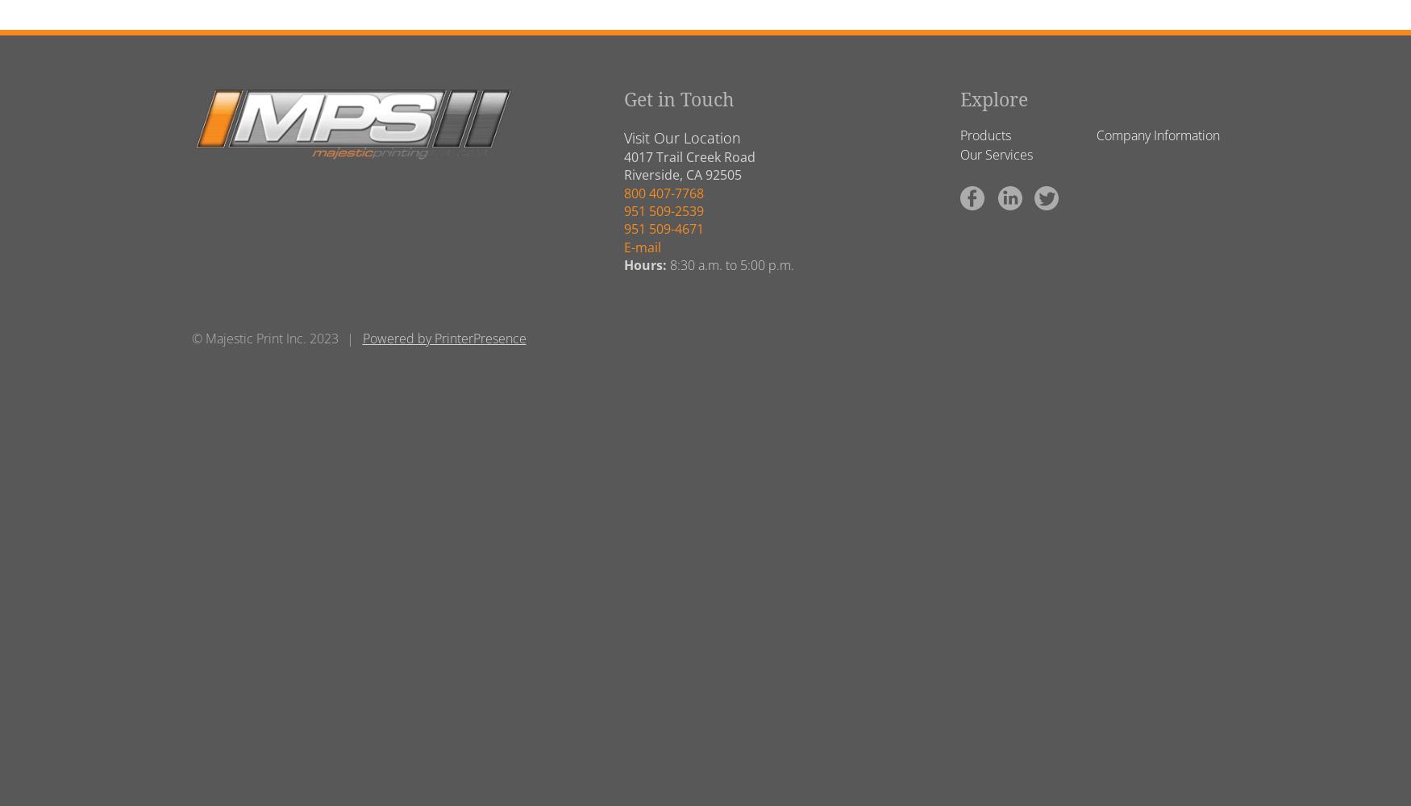 This screenshot has height=806, width=1411. Describe the element at coordinates (623, 137) in the screenshot. I see `'Visit Our Location'` at that location.